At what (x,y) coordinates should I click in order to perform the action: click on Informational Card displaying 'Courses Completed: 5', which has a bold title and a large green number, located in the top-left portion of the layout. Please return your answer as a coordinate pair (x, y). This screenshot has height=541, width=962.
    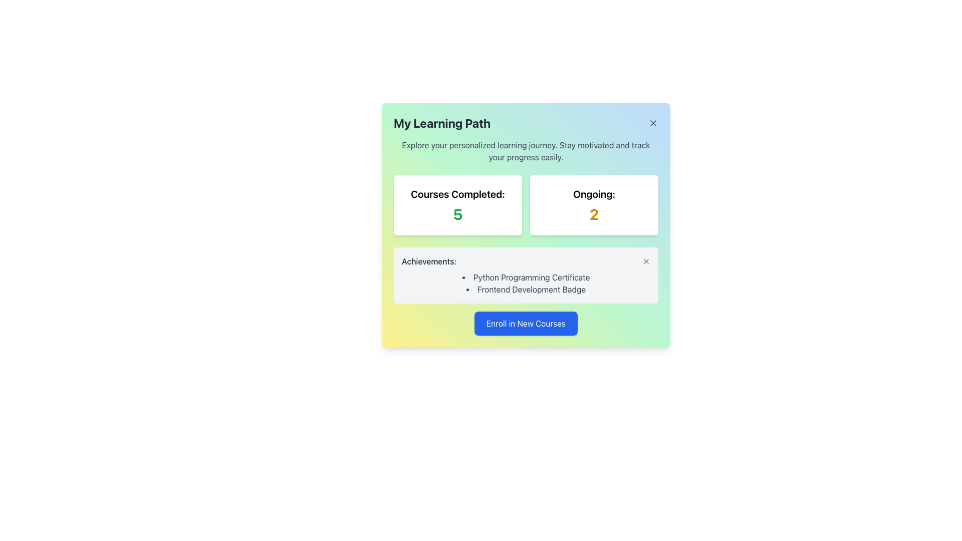
    Looking at the image, I should click on (457, 204).